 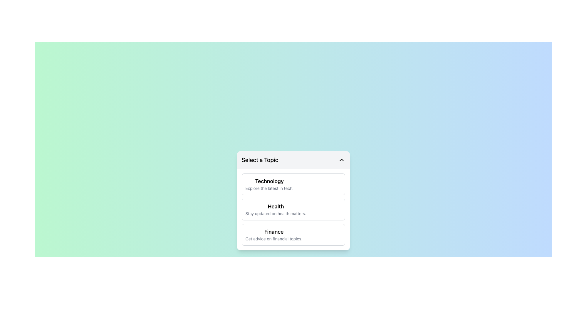 I want to click on the list item titled 'Health', so click(x=275, y=209).